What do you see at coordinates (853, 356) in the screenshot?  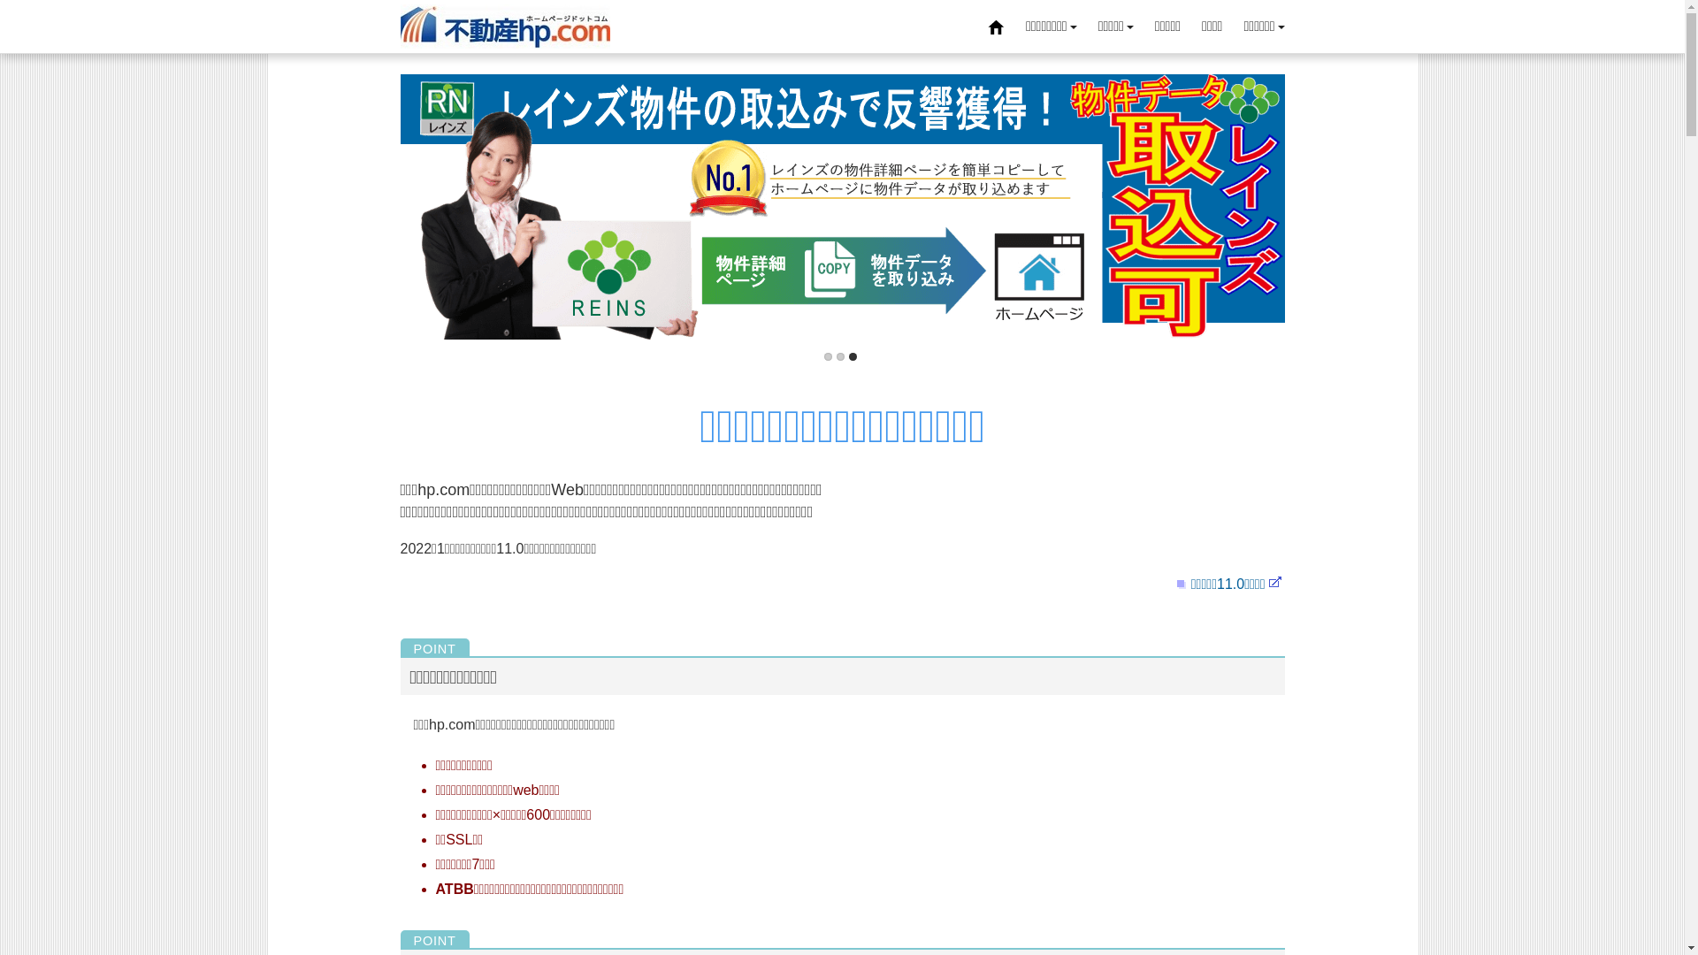 I see `'3'` at bounding box center [853, 356].